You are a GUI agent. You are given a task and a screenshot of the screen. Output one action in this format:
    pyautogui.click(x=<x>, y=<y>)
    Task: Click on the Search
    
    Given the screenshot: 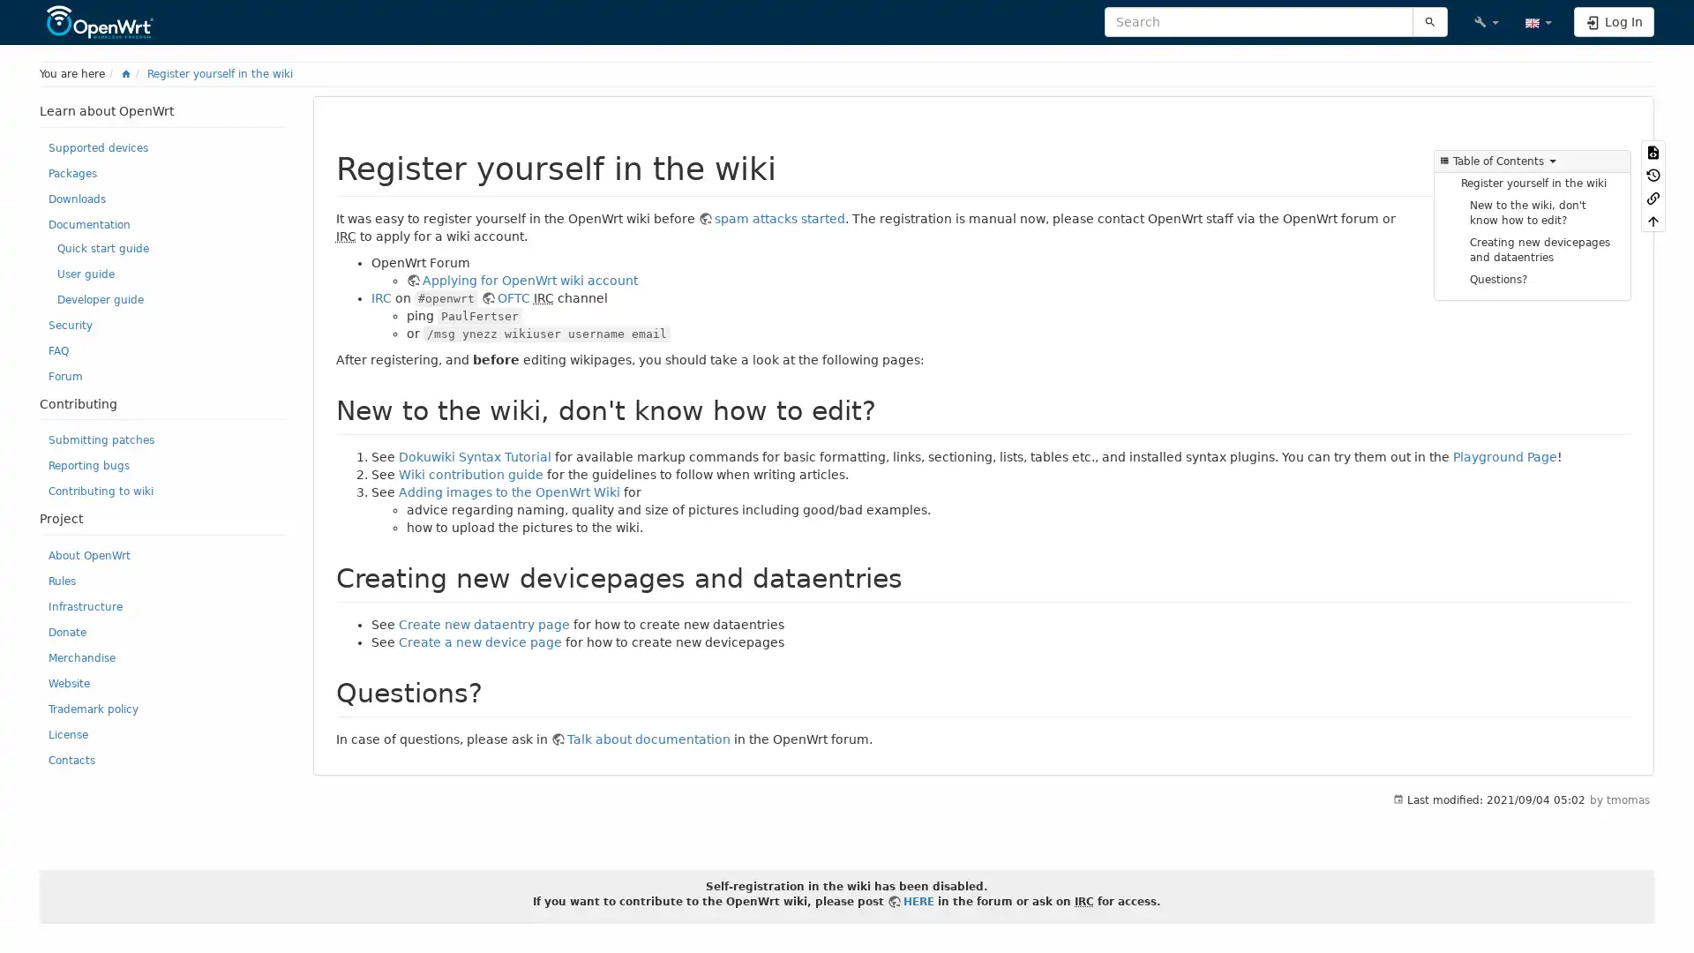 What is the action you would take?
    pyautogui.click(x=1429, y=21)
    